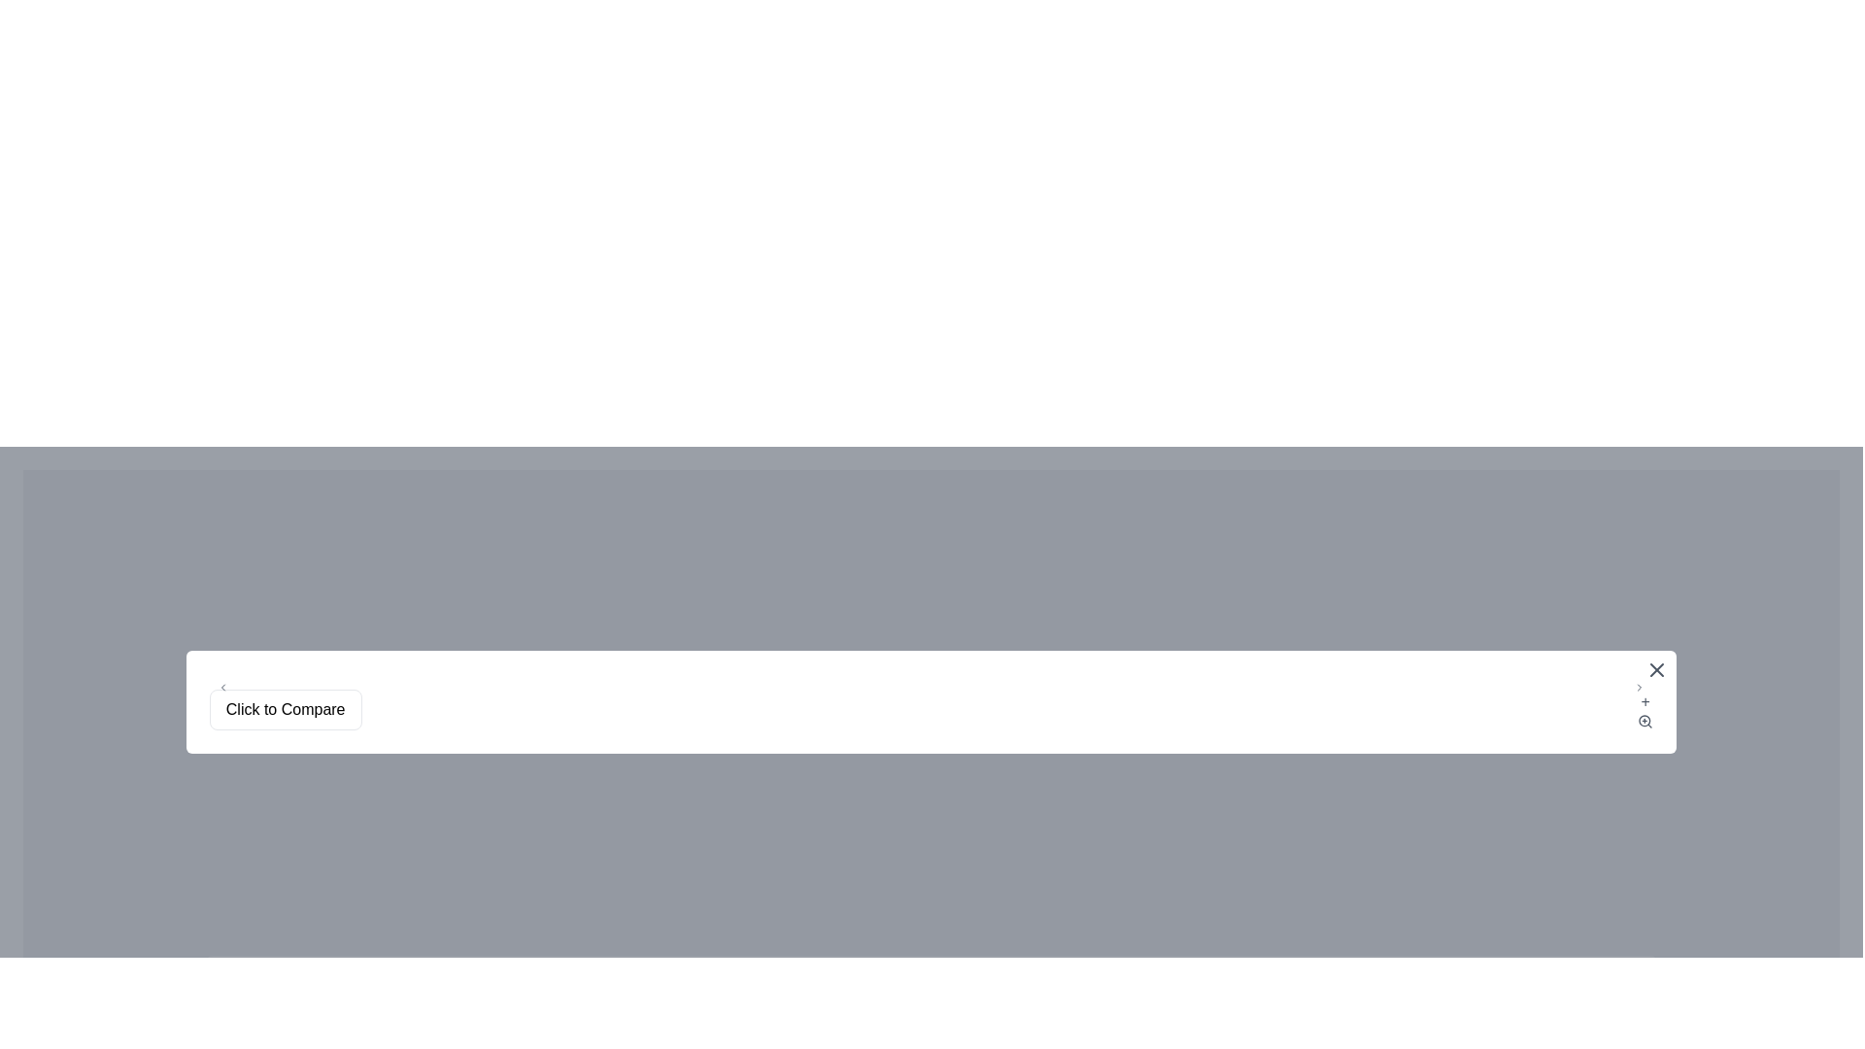 This screenshot has width=1865, height=1049. Describe the element at coordinates (1656, 669) in the screenshot. I see `the close button located at the upper-right corner of the dialog` at that location.